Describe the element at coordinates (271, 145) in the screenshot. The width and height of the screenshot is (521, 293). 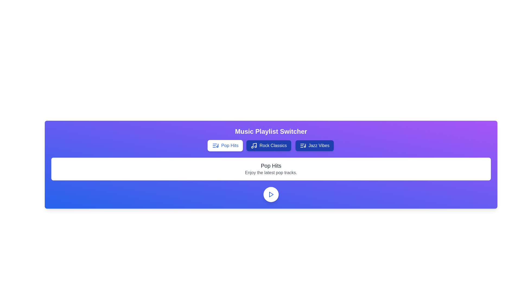
I see `the second button from the left in the 'Music Playlist Switcher'` at that location.